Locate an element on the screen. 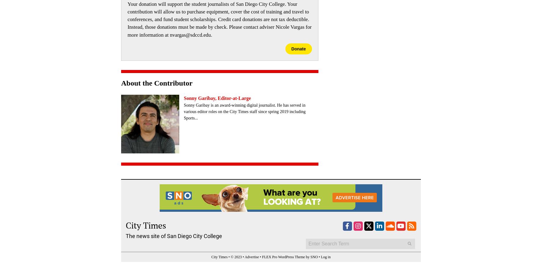 The width and height of the screenshot is (542, 268). 'Advertise' is located at coordinates (251, 257).